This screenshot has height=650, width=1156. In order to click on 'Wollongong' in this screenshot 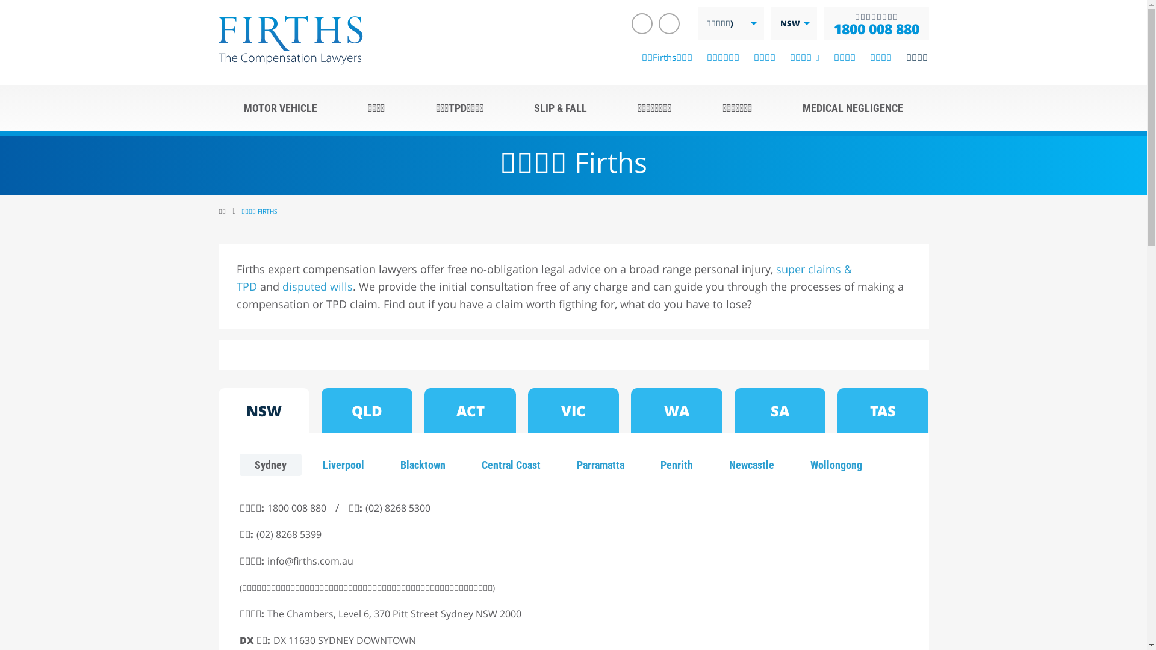, I will do `click(834, 464)`.